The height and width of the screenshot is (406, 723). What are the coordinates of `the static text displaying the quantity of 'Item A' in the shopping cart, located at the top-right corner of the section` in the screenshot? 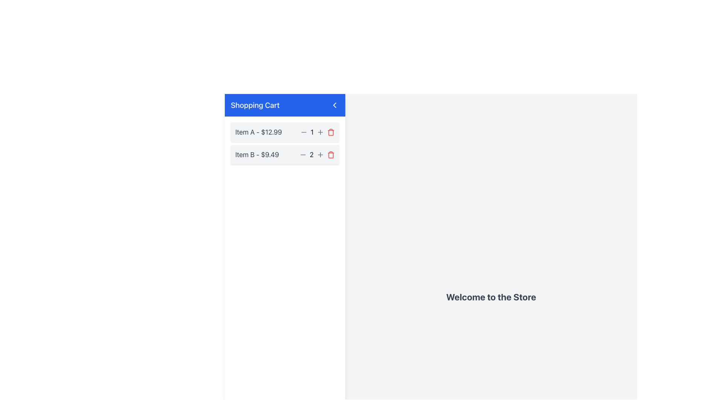 It's located at (312, 132).